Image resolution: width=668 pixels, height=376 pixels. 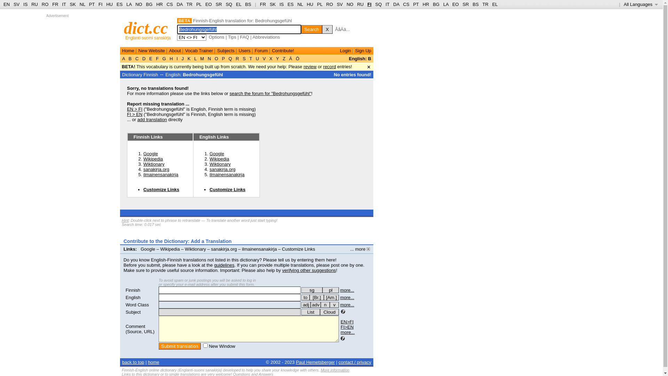 I want to click on 'T', so click(x=248, y=58).